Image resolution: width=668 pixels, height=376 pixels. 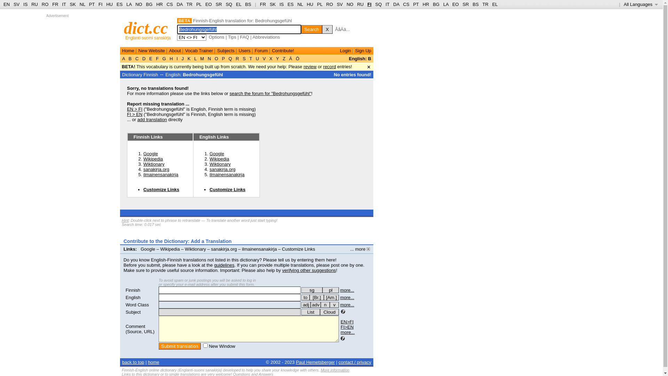 I want to click on 'T', so click(x=248, y=58).